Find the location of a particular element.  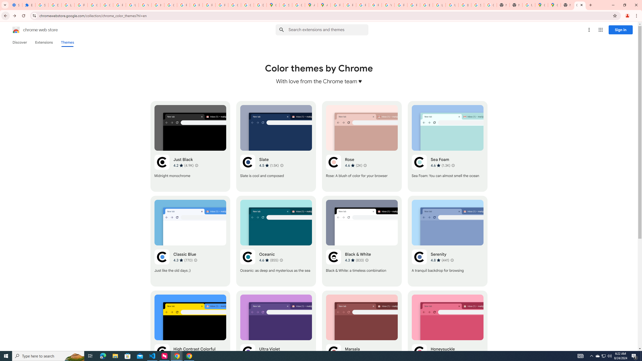

'Learn more about results and reviews "Oceanic"' is located at coordinates (281, 260).